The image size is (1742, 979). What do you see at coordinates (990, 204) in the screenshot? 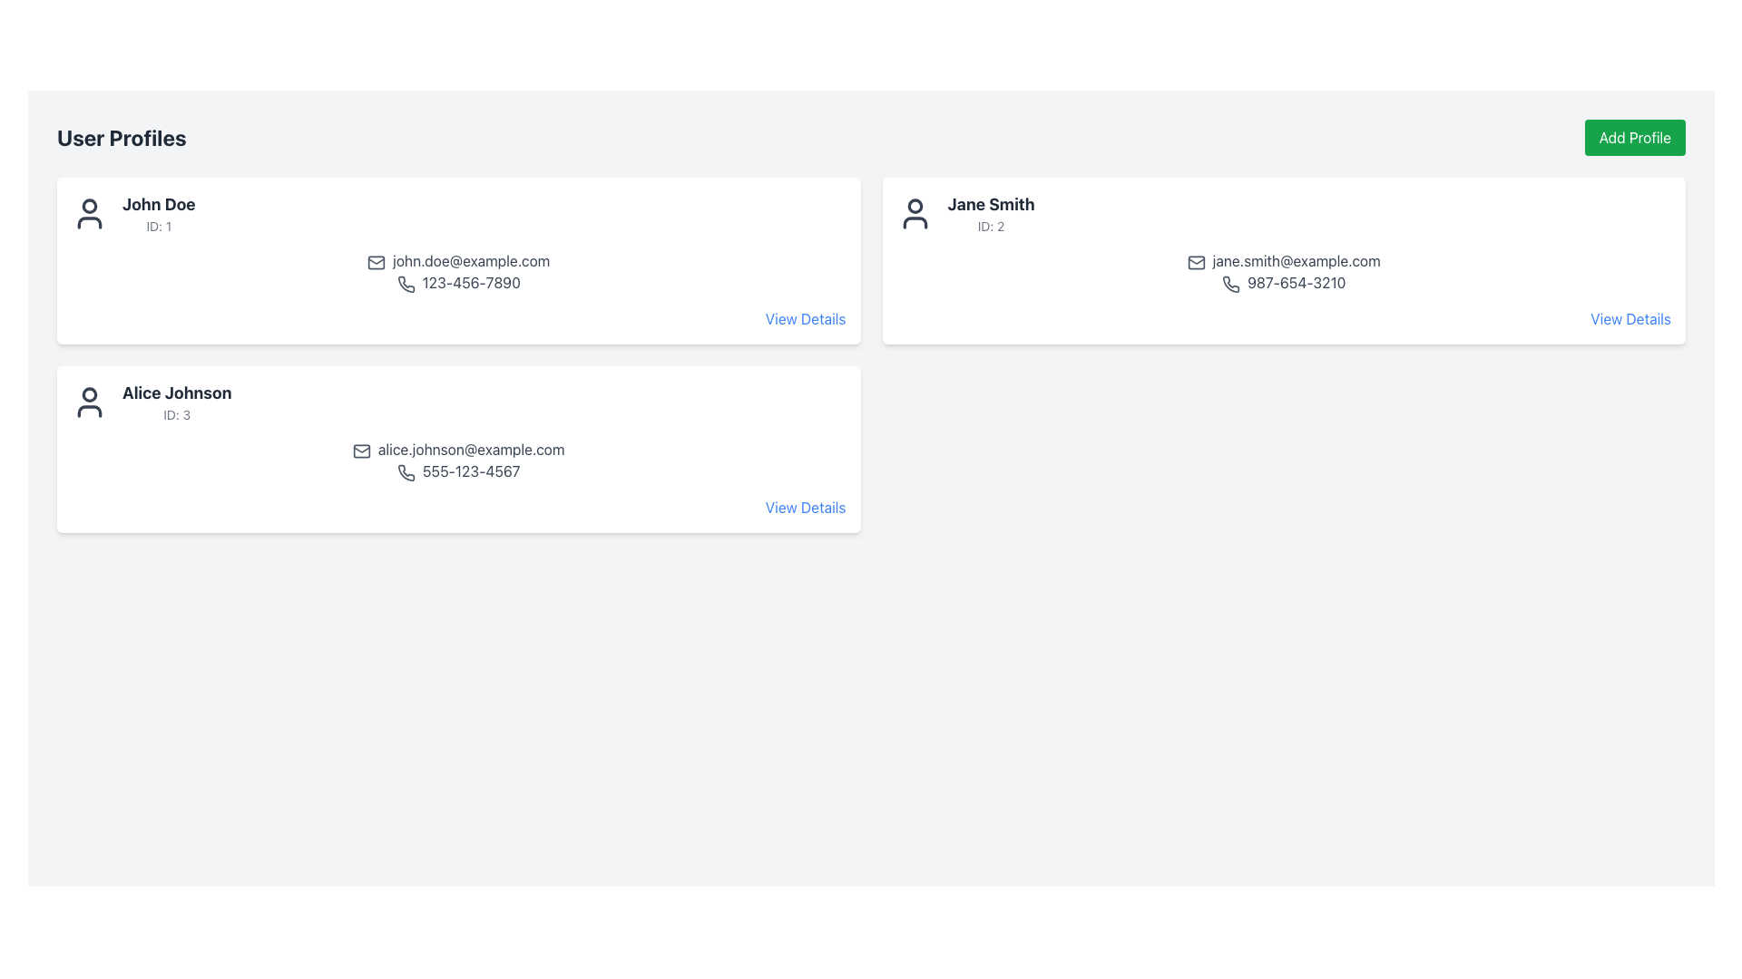
I see `the text label displaying 'Jane Smith' in bold font located in the upper-right user profile card, above the 'ID: 2' label` at bounding box center [990, 204].